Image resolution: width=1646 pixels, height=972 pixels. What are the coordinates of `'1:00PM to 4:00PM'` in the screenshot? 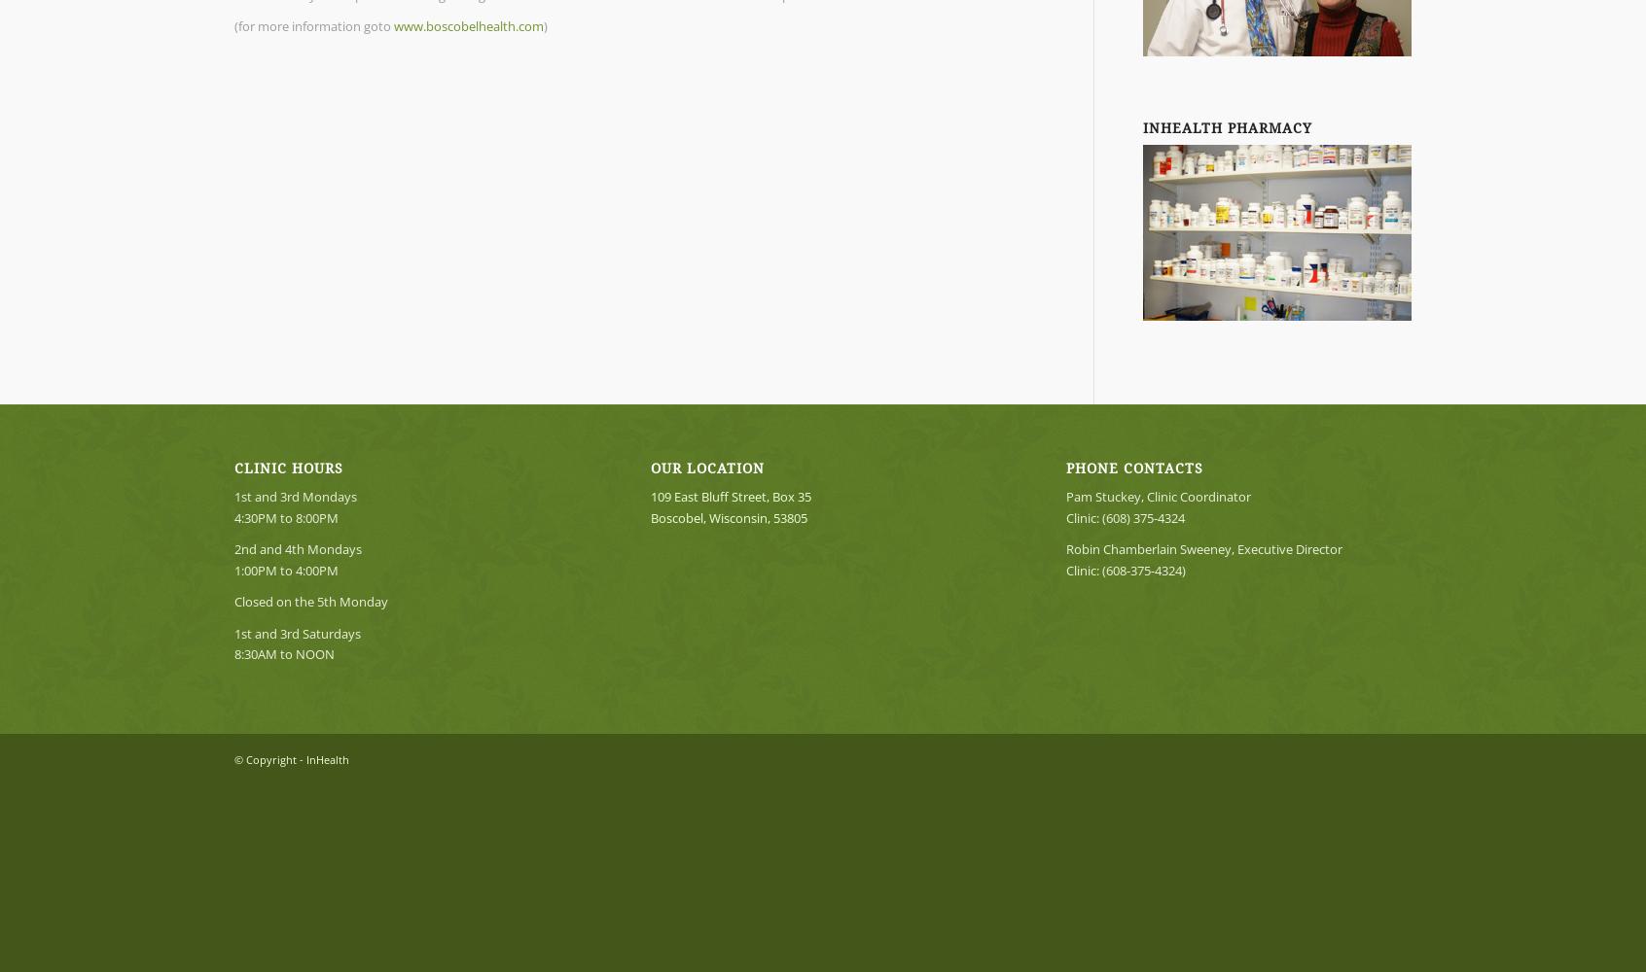 It's located at (285, 569).